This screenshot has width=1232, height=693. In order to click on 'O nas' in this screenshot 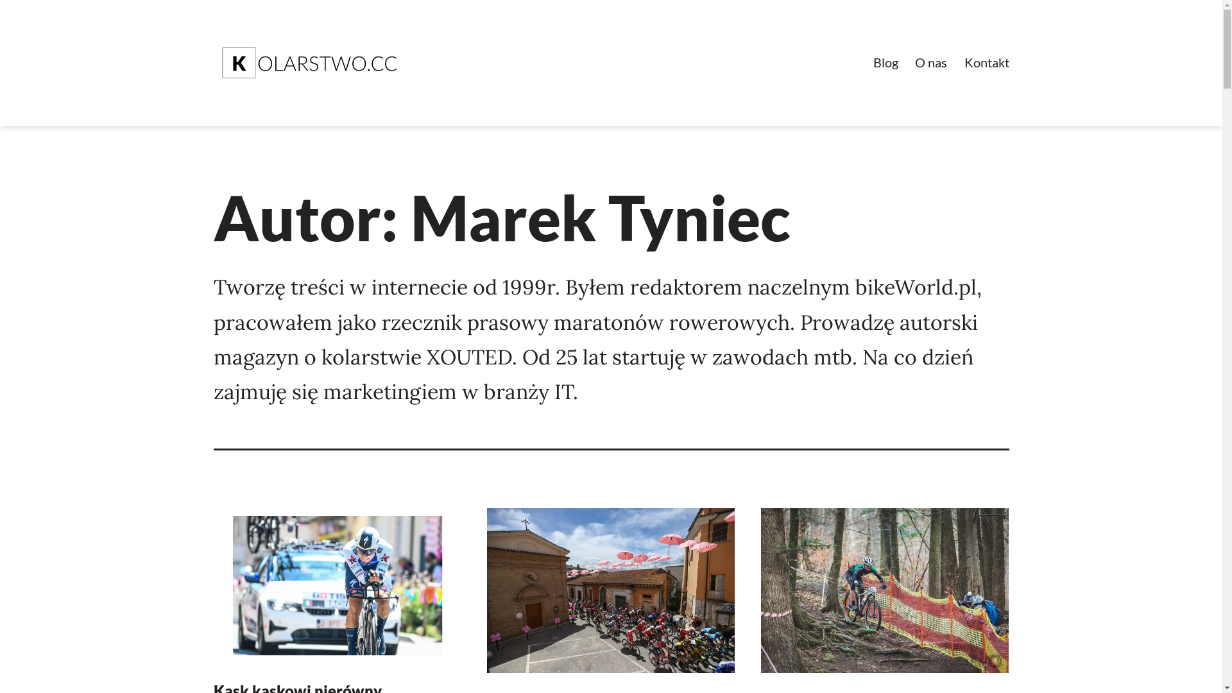, I will do `click(930, 62)`.